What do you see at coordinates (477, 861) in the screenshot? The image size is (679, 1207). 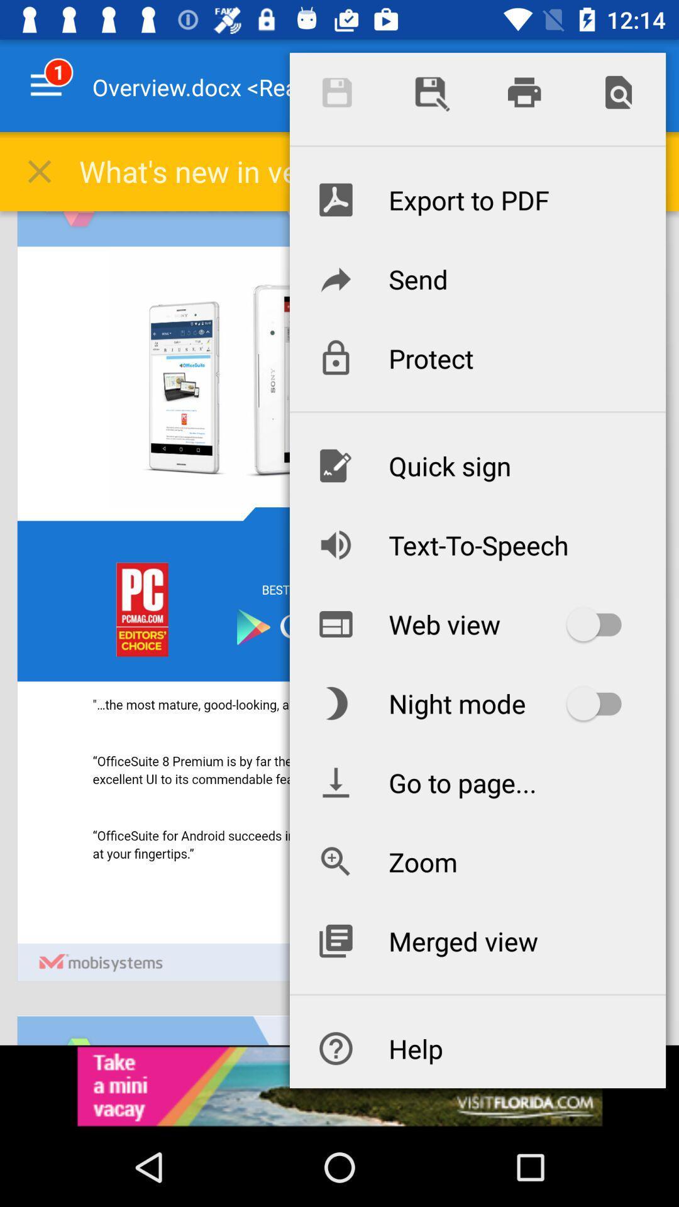 I see `icon above merged view item` at bounding box center [477, 861].